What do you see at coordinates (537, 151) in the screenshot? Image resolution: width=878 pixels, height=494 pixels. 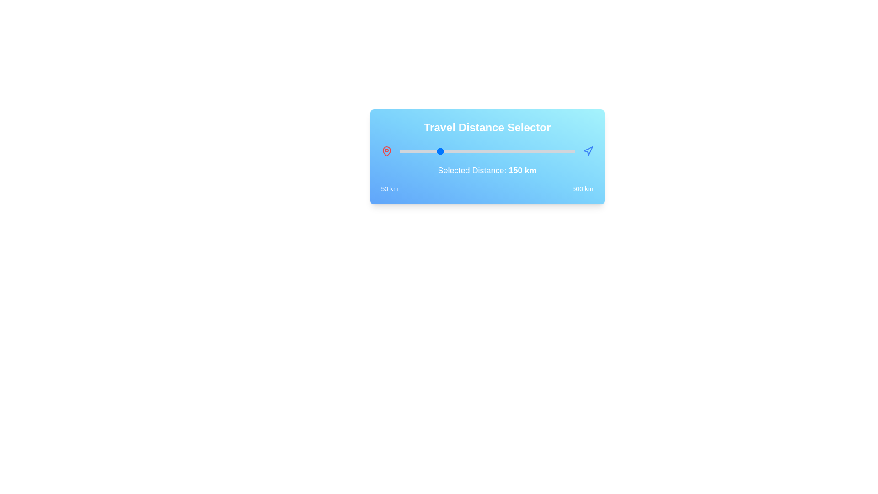 I see `the travel distance to 404 km by interacting with the slider` at bounding box center [537, 151].